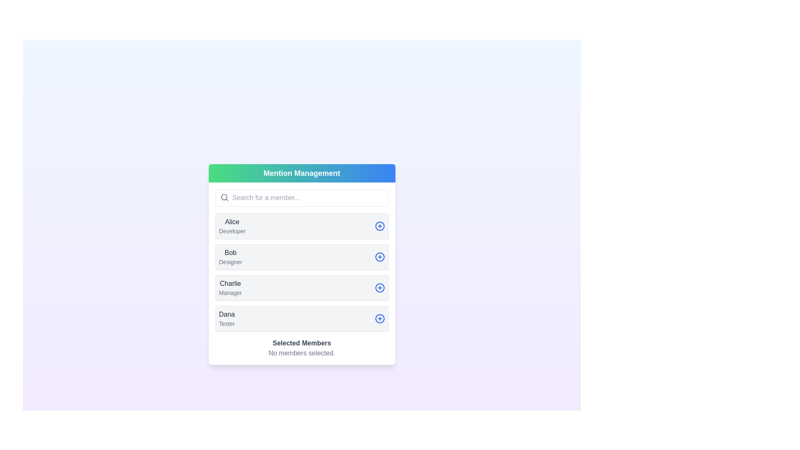 The height and width of the screenshot is (450, 800). What do you see at coordinates (379, 257) in the screenshot?
I see `the circular button with a blue outline and a centered '+' symbol located in the top-right corner of the 'Bob Designer' user card` at bounding box center [379, 257].